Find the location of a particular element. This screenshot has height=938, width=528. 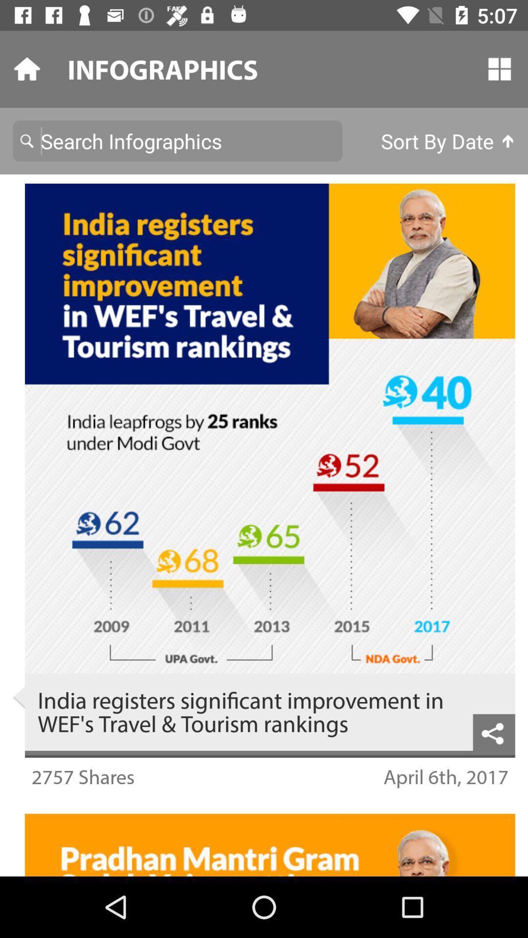

share the article is located at coordinates (494, 732).